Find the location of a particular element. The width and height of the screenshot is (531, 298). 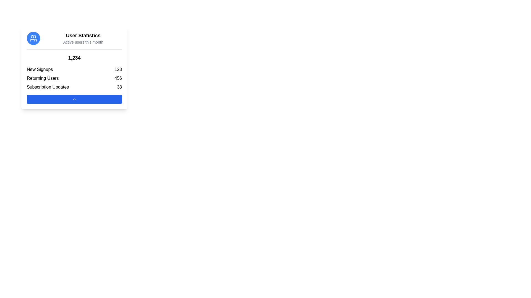

the 'User Statistics' icon located at the top-left corner of its section is located at coordinates (33, 38).